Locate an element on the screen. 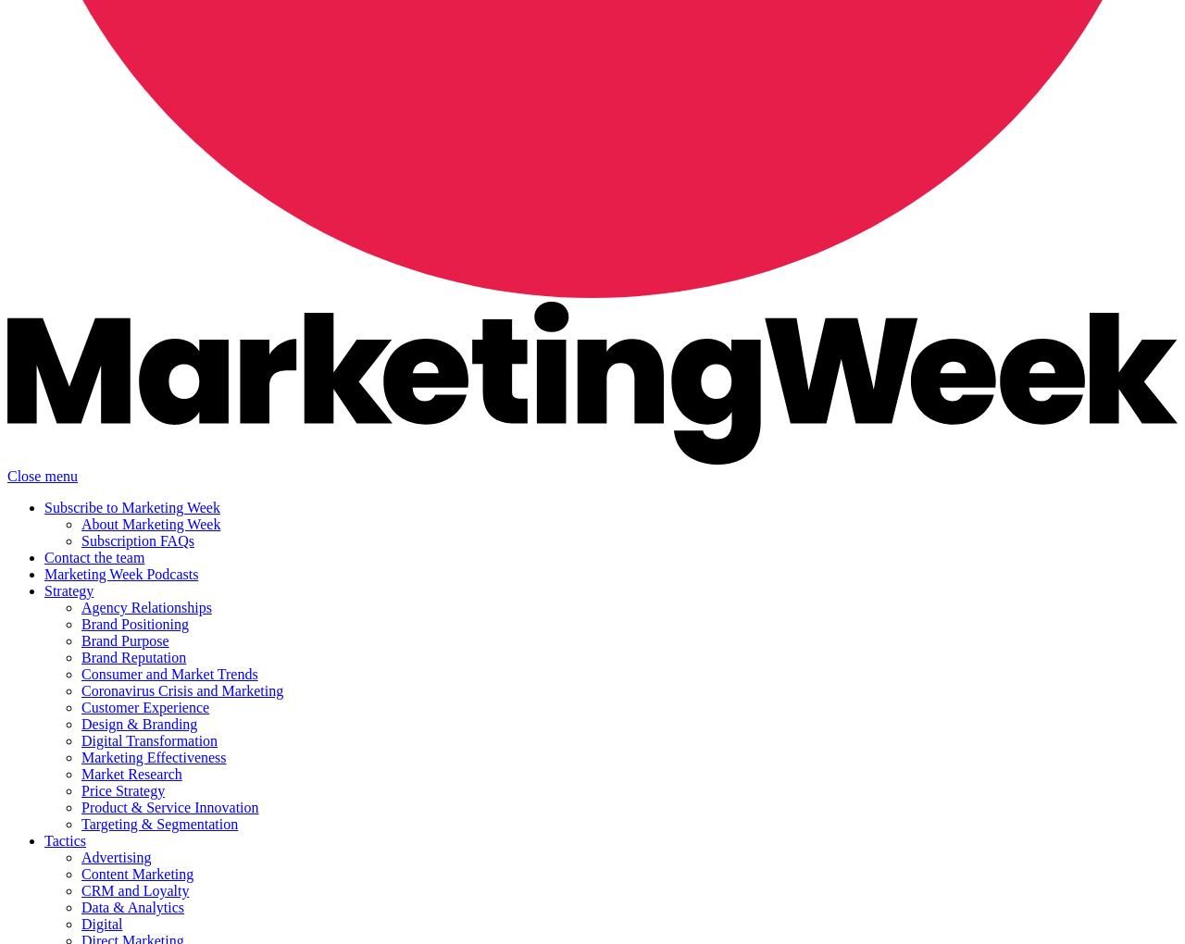 The height and width of the screenshot is (944, 1185). 'Content Marketing' is located at coordinates (136, 873).